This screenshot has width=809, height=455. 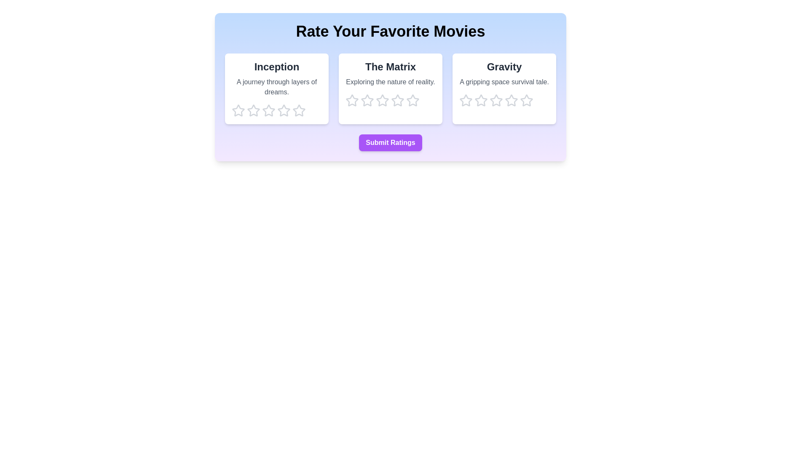 I want to click on the star corresponding to 1 for the movie Gravity, so click(x=465, y=100).